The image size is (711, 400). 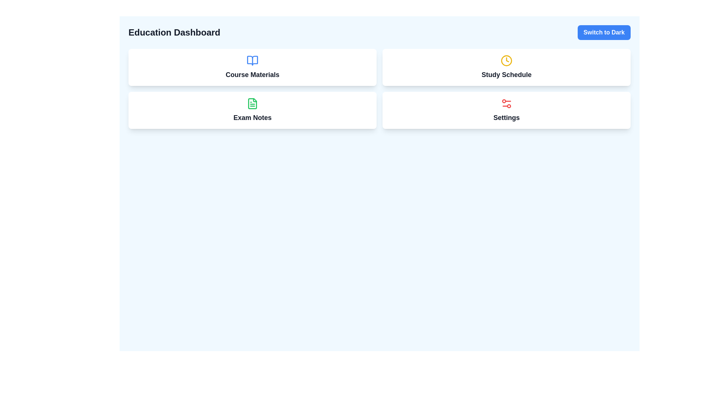 What do you see at coordinates (252, 67) in the screenshot?
I see `the Card Component located in the top-left corner of the grid layout` at bounding box center [252, 67].